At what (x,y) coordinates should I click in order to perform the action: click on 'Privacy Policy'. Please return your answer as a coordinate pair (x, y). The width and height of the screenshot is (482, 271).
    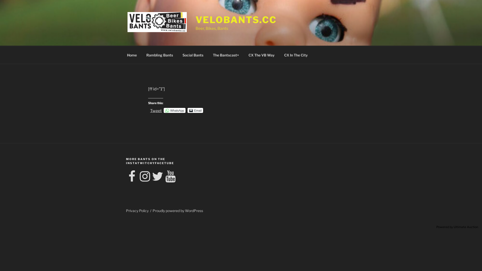
    Looking at the image, I should click on (137, 211).